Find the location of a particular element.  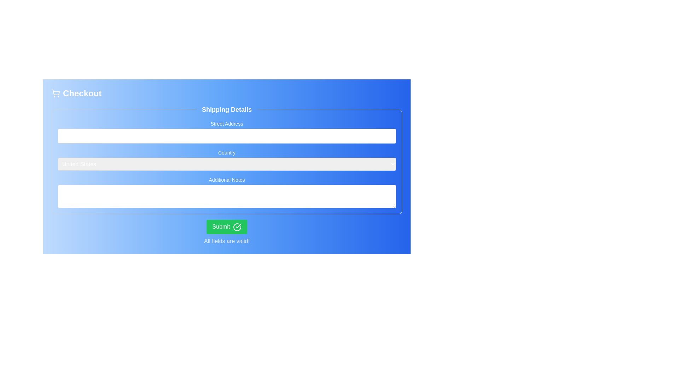

an item from the dropdown menu located beneath the 'Country' label in the 'Shipping Details' section is located at coordinates (227, 164).